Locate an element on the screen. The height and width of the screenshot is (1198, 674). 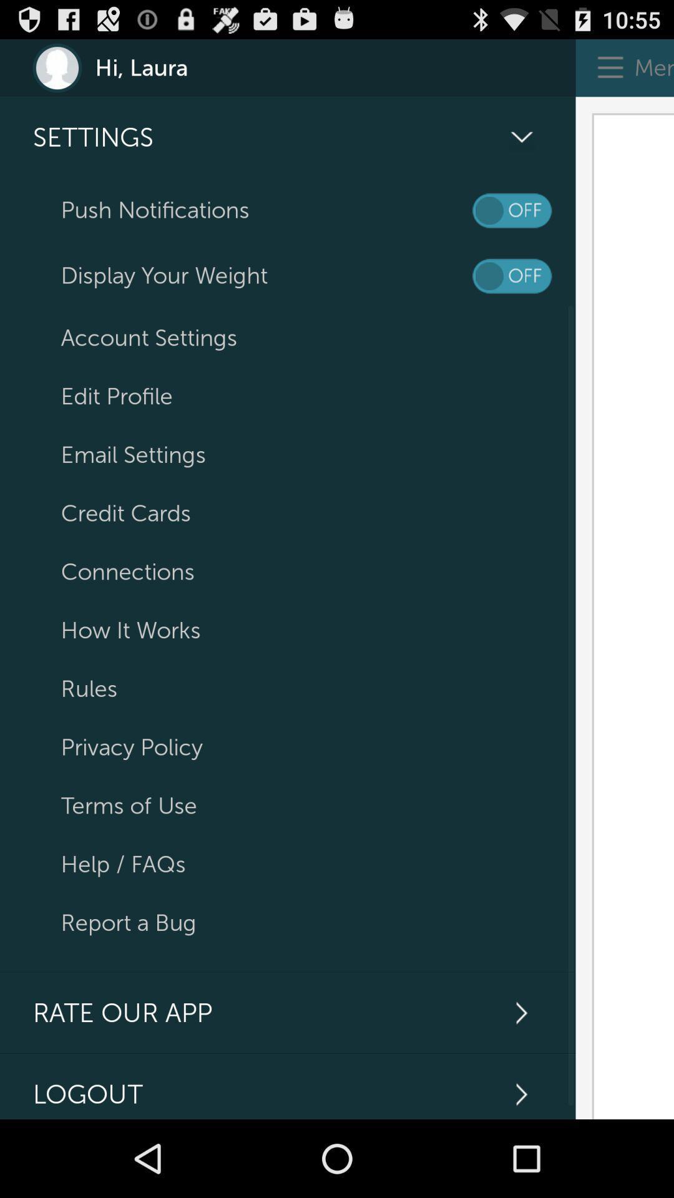
display is located at coordinates (512, 275).